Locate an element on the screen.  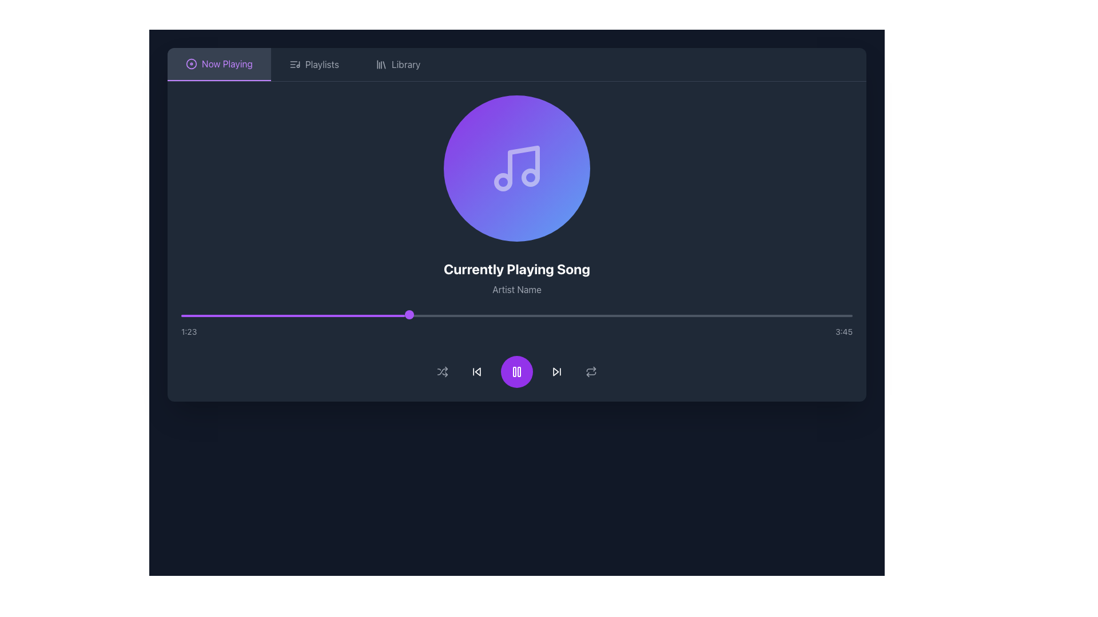
the text element displaying 'Currently Playing Song', which is centrally aligned and prominently located in the upper half of the interface is located at coordinates (516, 269).